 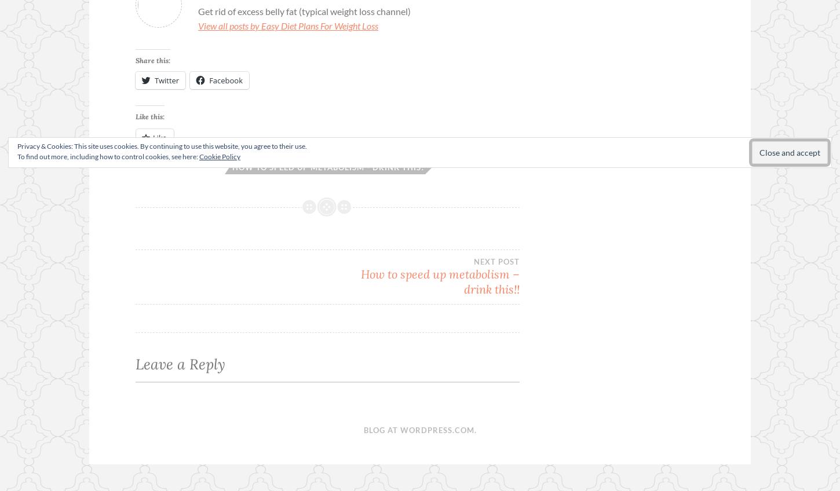 What do you see at coordinates (288, 25) in the screenshot?
I see `'View all posts by Easy Diet Plans For Weight Loss'` at bounding box center [288, 25].